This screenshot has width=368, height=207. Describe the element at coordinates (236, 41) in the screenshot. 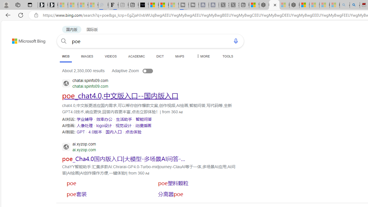

I see `'Search using voice'` at that location.